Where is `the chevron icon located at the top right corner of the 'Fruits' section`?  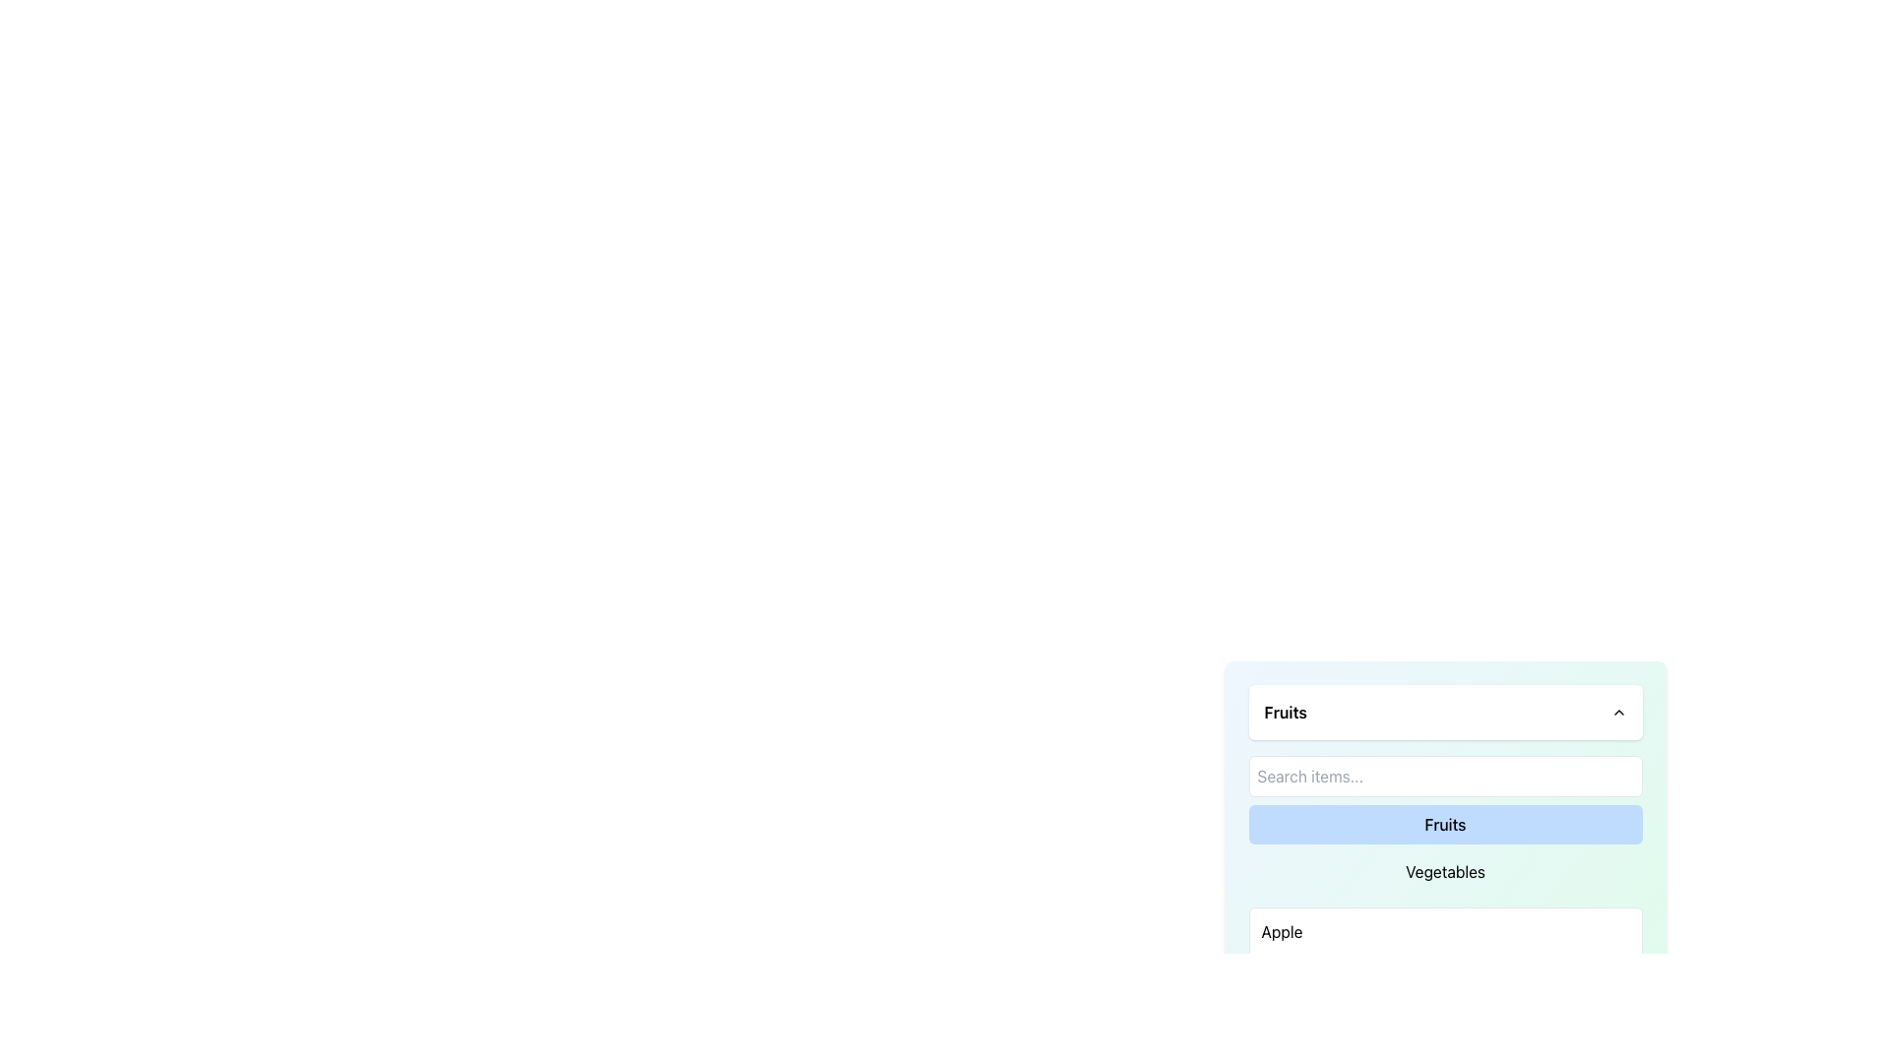
the chevron icon located at the top right corner of the 'Fruits' section is located at coordinates (1618, 713).